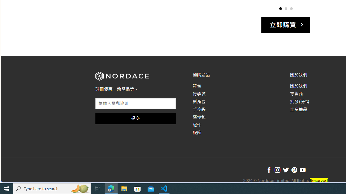 This screenshot has height=194, width=346. I want to click on 'Follow on Pinterest', so click(294, 170).